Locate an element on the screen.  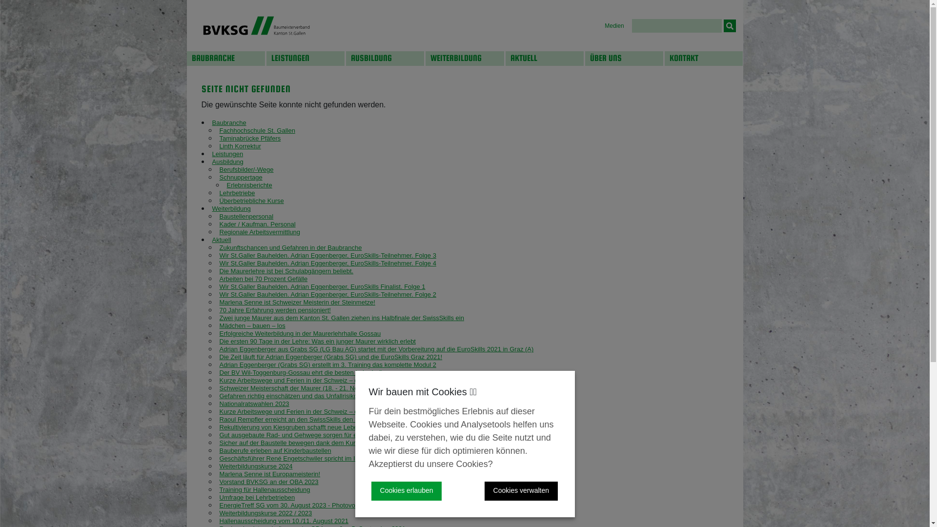
'Ausbildung' is located at coordinates (226, 161).